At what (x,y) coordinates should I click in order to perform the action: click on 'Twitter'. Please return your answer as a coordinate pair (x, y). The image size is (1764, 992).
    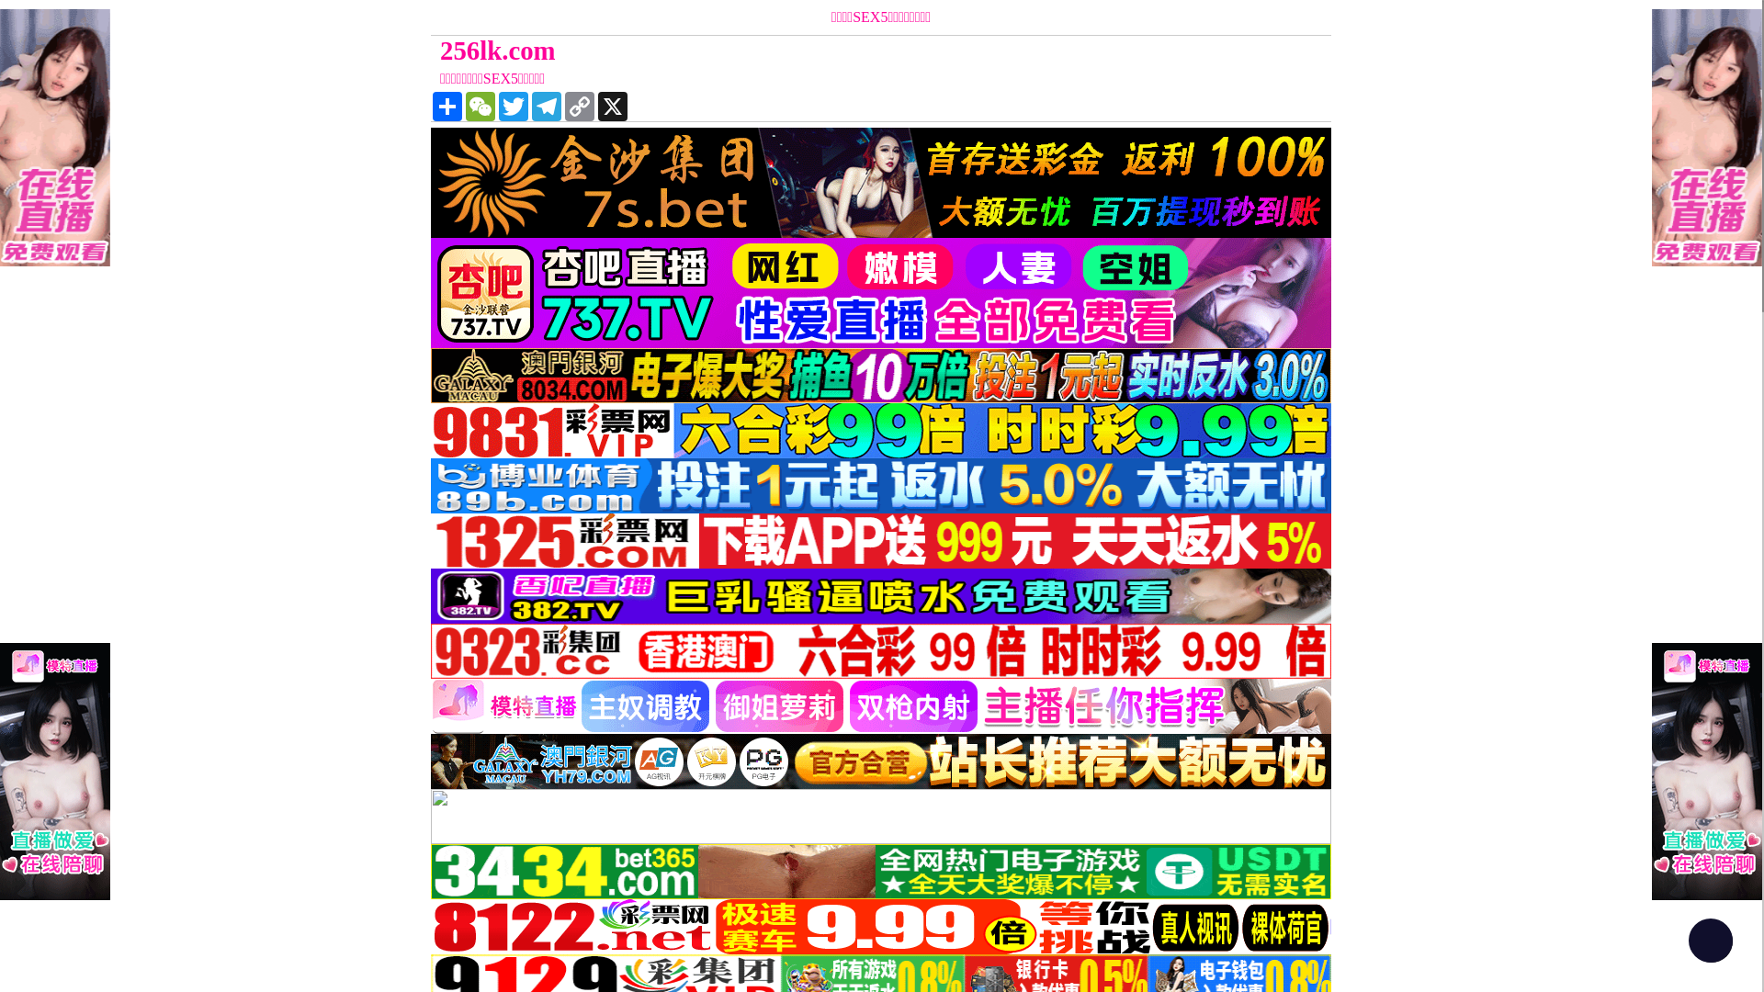
    Looking at the image, I should click on (497, 106).